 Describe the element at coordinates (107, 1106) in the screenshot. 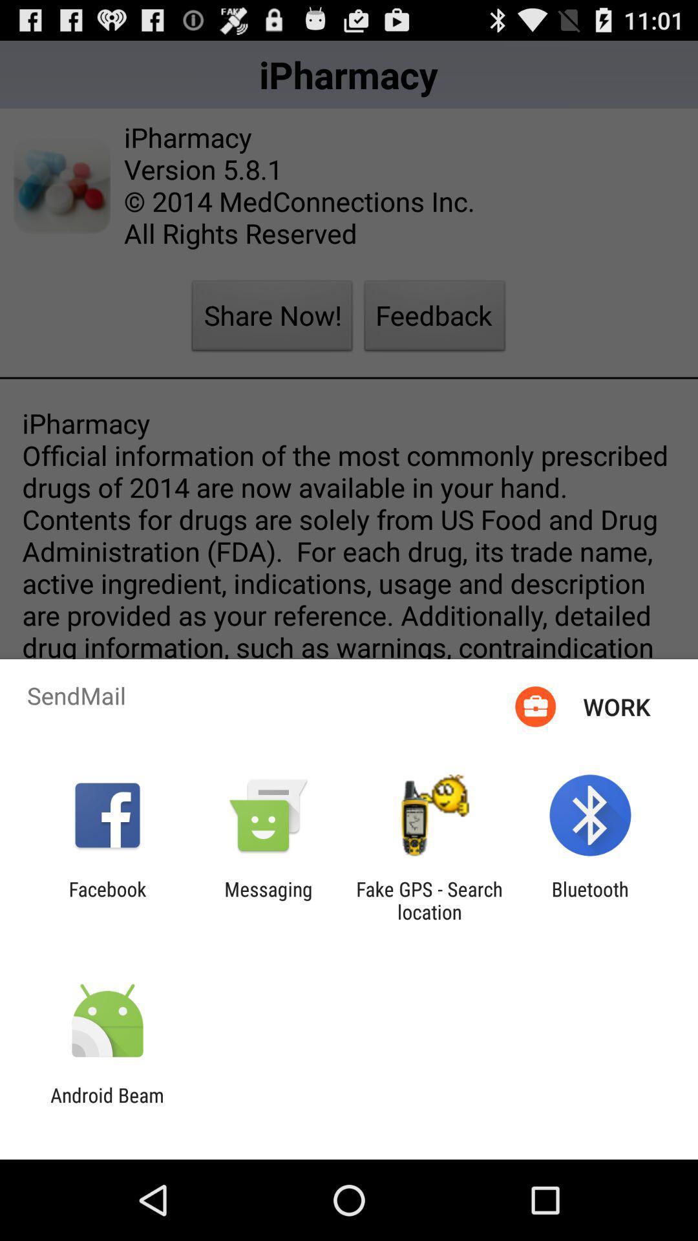

I see `the android beam icon` at that location.